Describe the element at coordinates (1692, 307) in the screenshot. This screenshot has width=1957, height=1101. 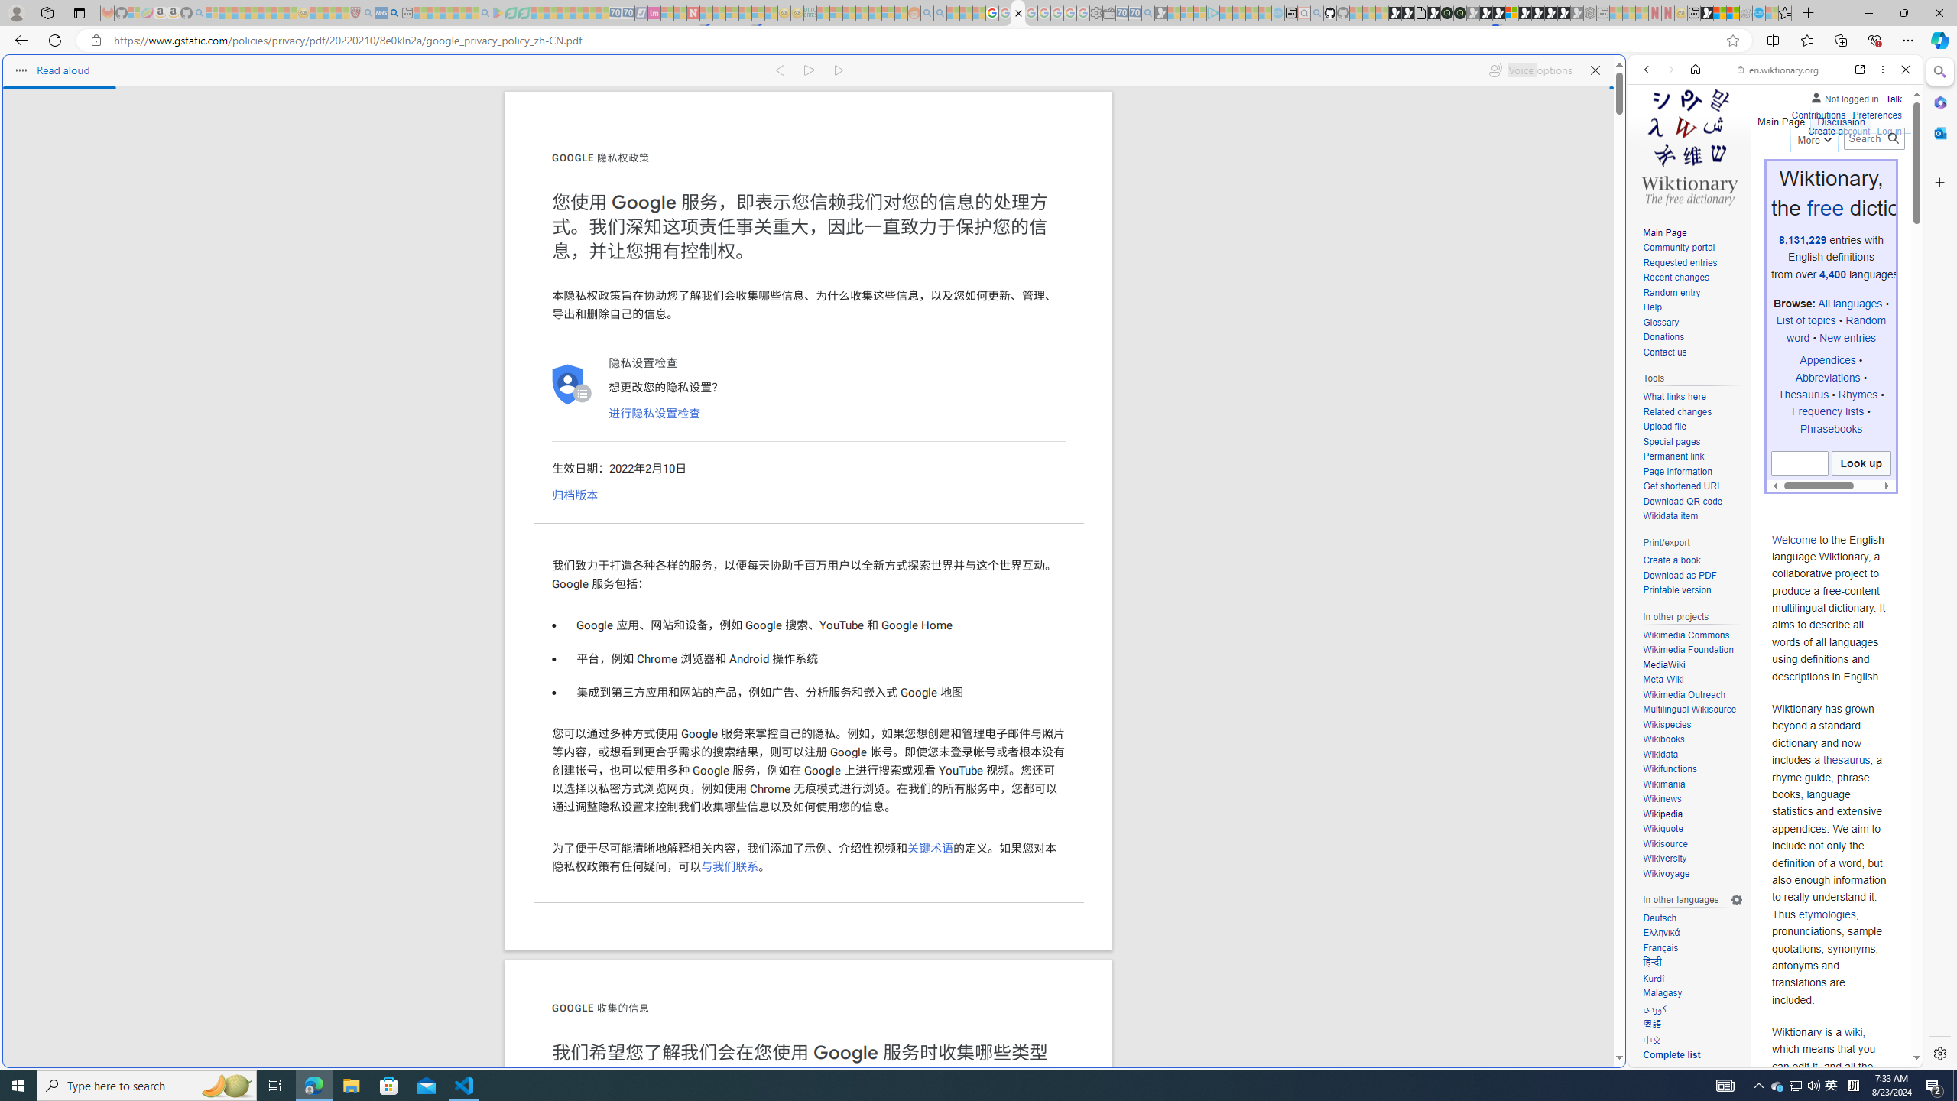
I see `'Help'` at that location.